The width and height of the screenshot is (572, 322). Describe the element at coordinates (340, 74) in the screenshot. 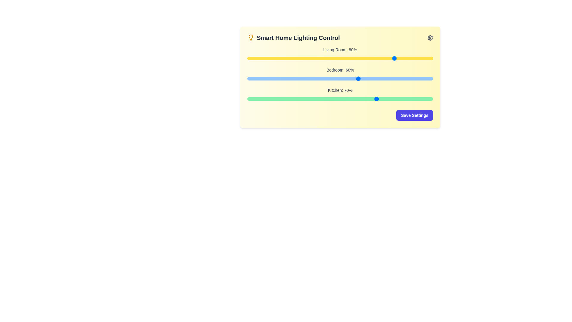

I see `the grouped component containing multiple progress bars labeled 'Living Room', 'Bedroom', and 'Kitchen' to interact with it` at that location.